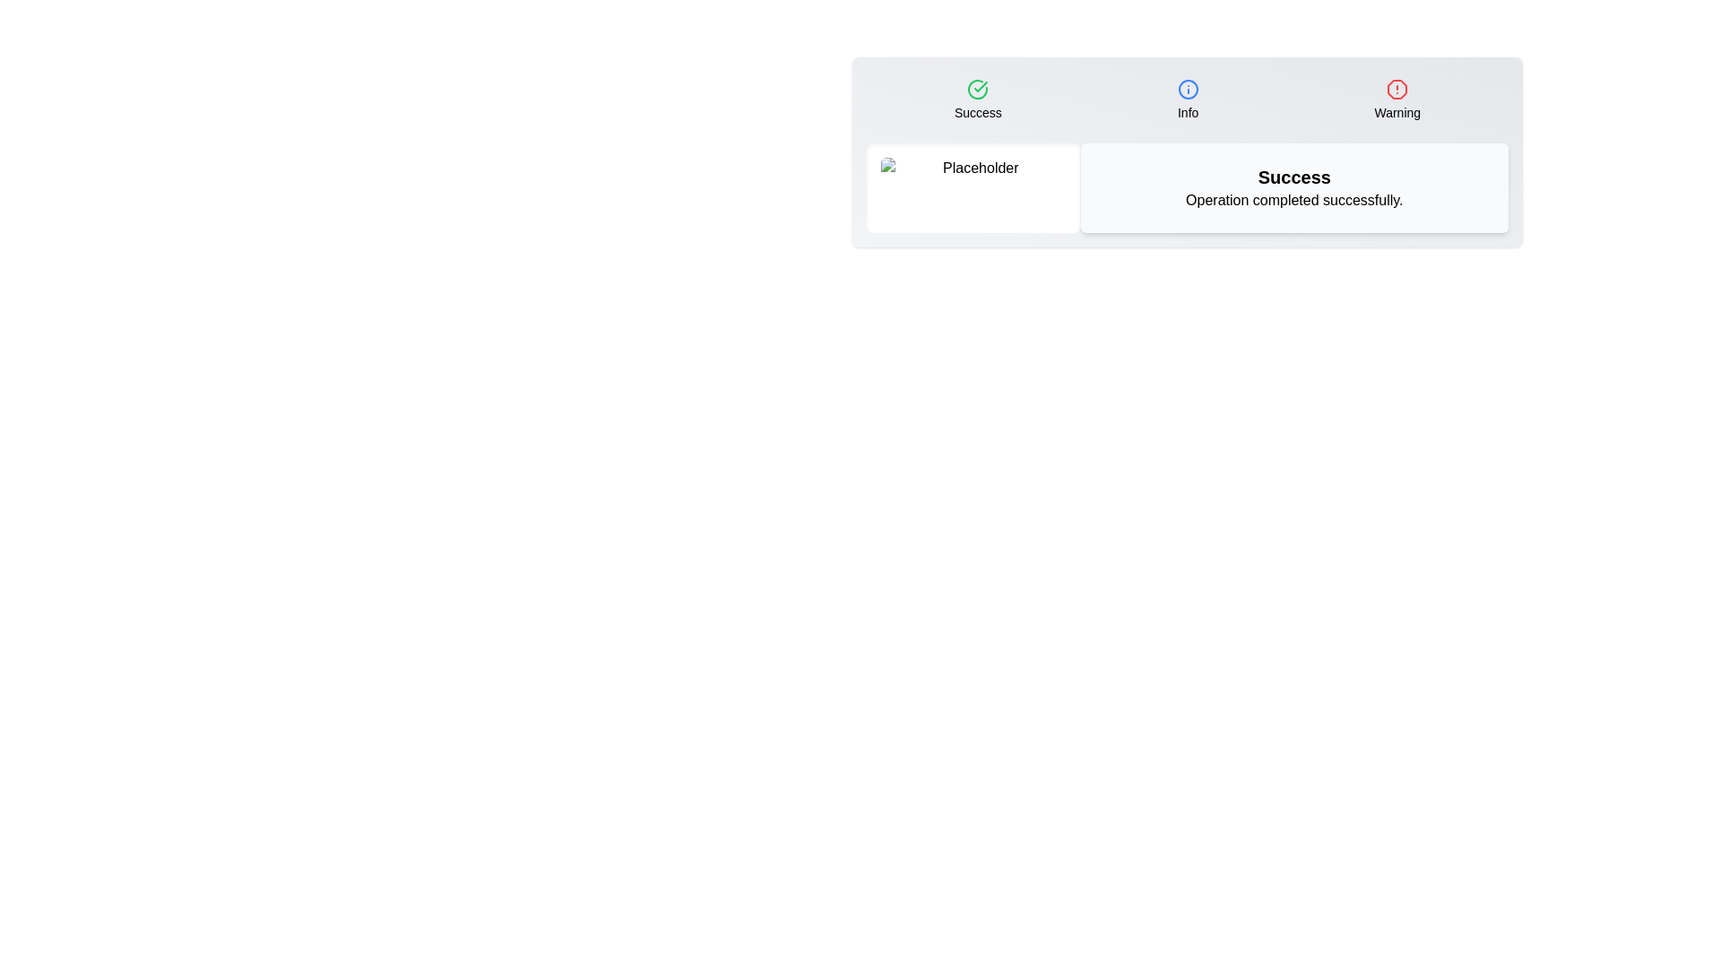 The width and height of the screenshot is (1721, 968). I want to click on the text 'Operation completed successfully.' in the right section of the component, so click(1294, 200).